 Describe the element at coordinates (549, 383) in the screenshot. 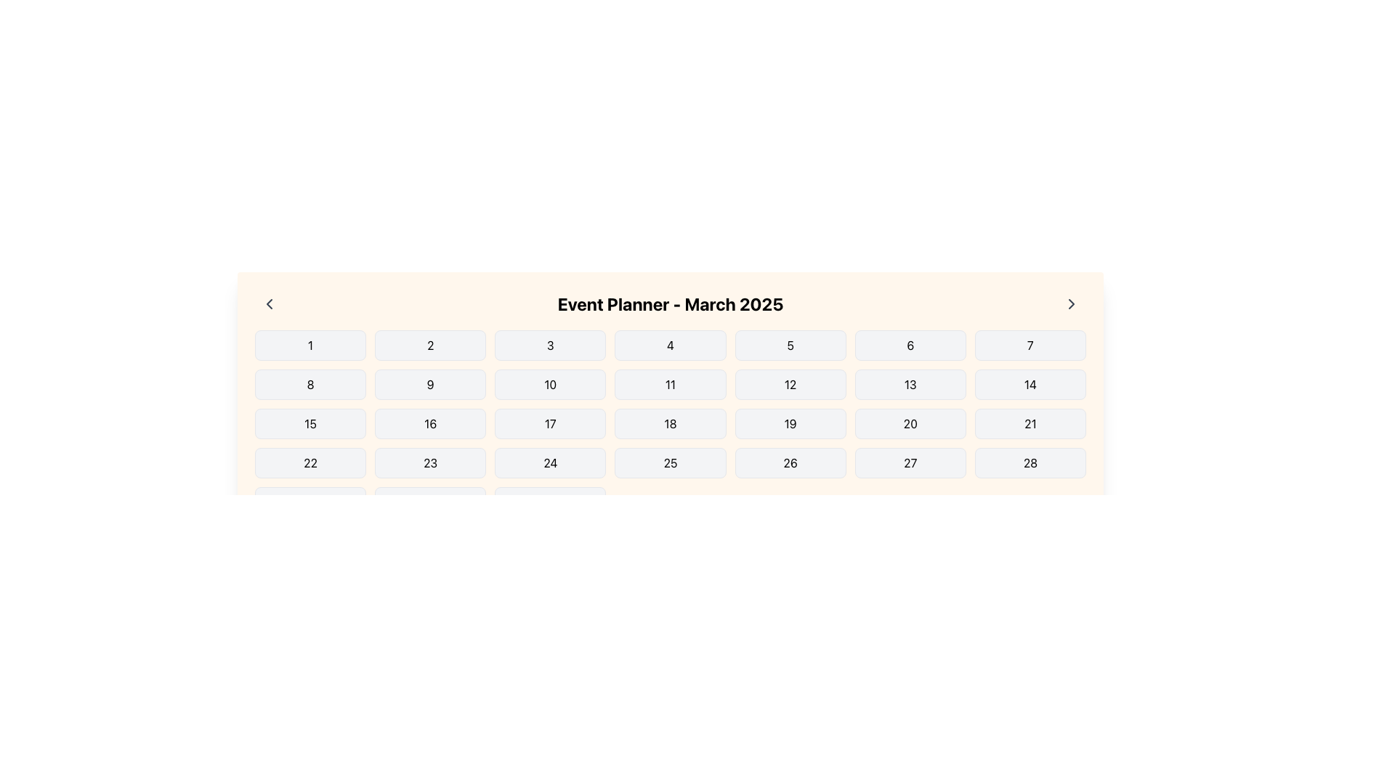

I see `the button-like interactive calendar date cell displaying '10' in the grid layout titled 'Event Planner - March 2025'` at that location.